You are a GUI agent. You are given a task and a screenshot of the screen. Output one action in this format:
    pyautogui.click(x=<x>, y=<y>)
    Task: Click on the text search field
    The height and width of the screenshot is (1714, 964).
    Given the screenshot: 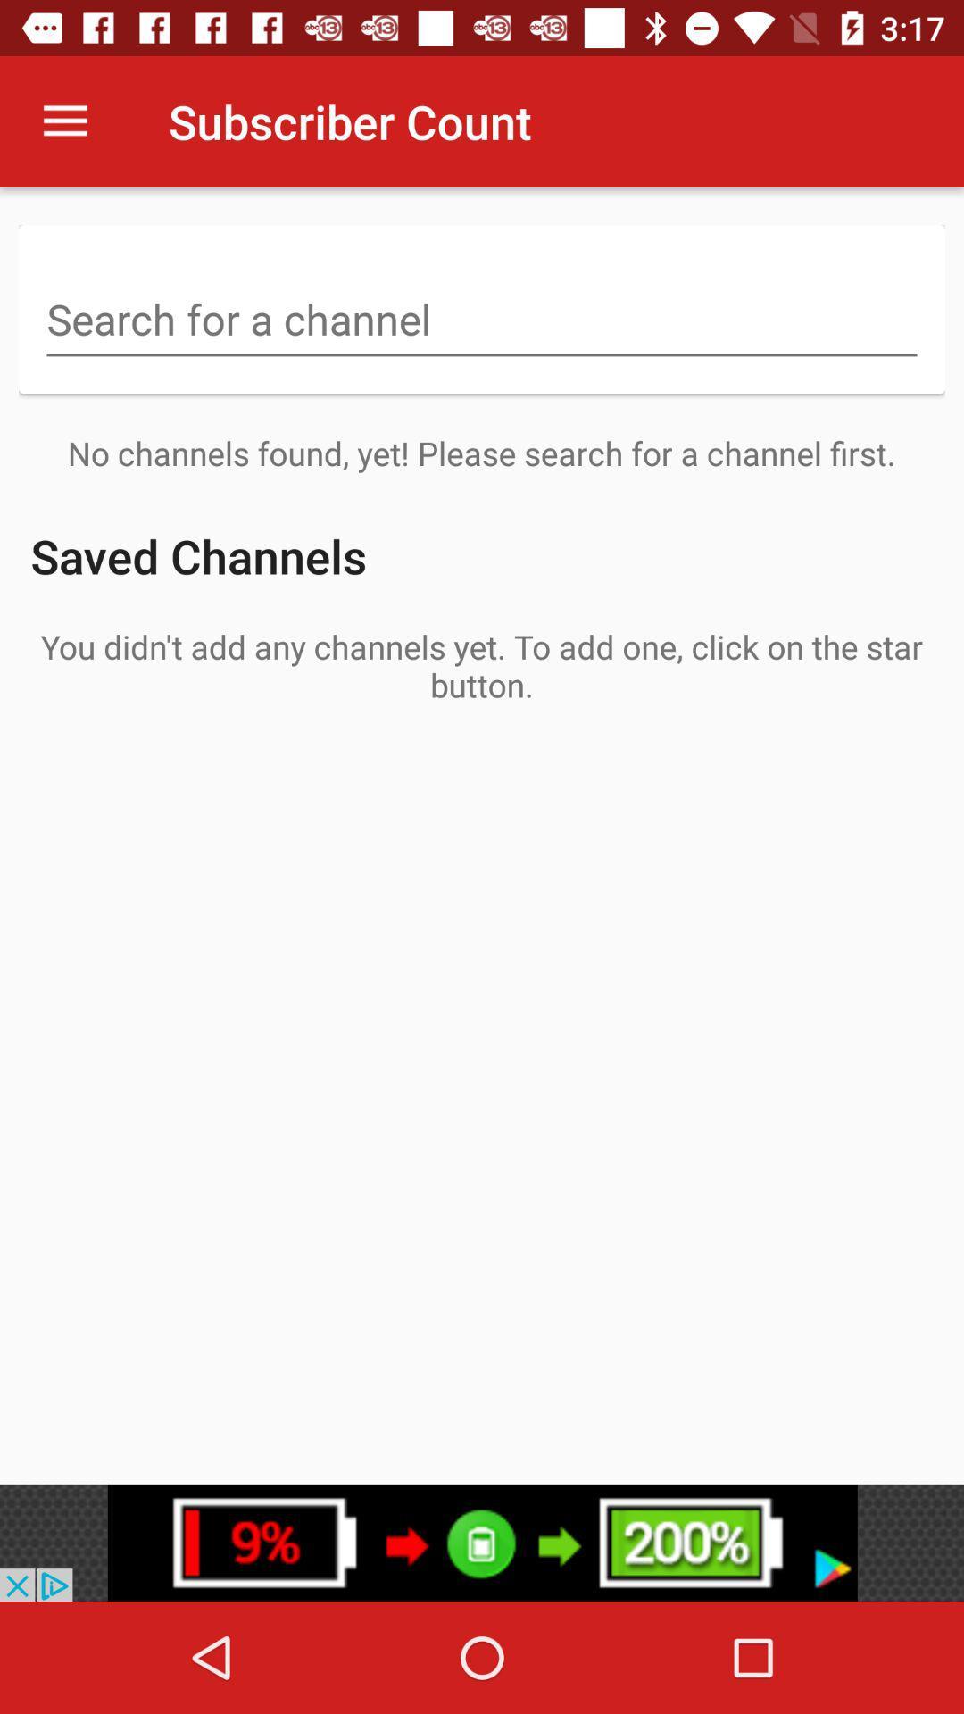 What is the action you would take?
    pyautogui.click(x=482, y=321)
    